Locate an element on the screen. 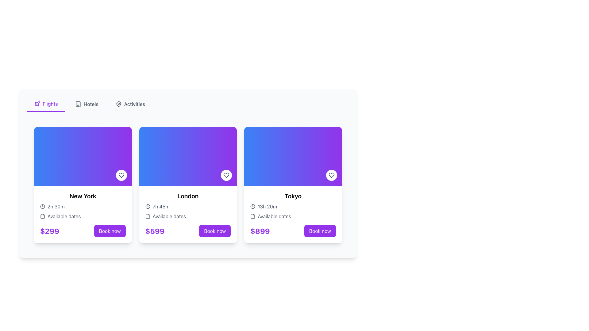 The width and height of the screenshot is (589, 331). the map pin-like icon located in the header bar beside the 'Activities' text label is located at coordinates (118, 104).